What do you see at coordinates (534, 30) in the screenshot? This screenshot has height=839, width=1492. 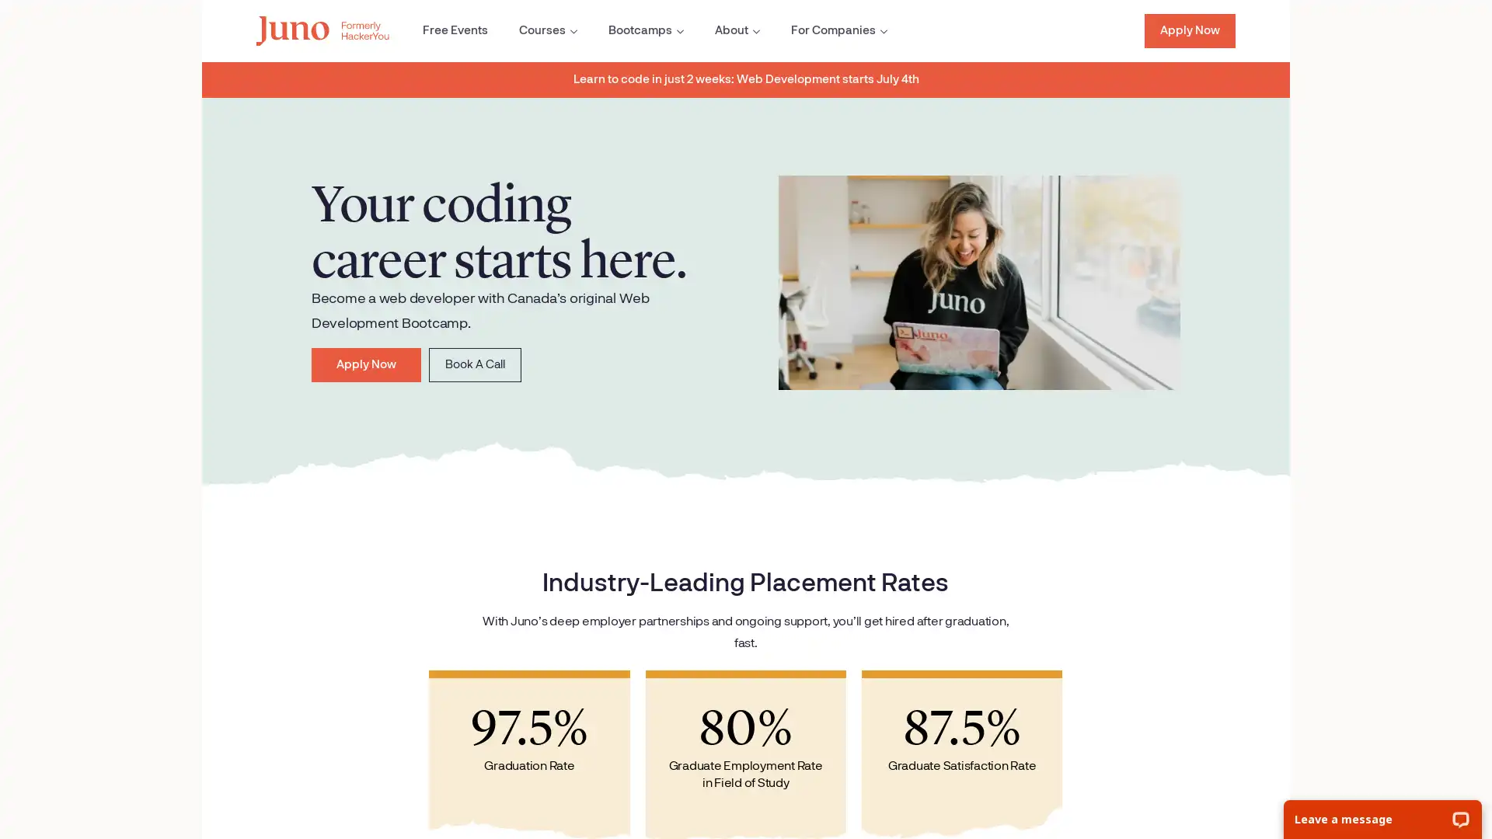 I see `Open the Courses sub menu.` at bounding box center [534, 30].